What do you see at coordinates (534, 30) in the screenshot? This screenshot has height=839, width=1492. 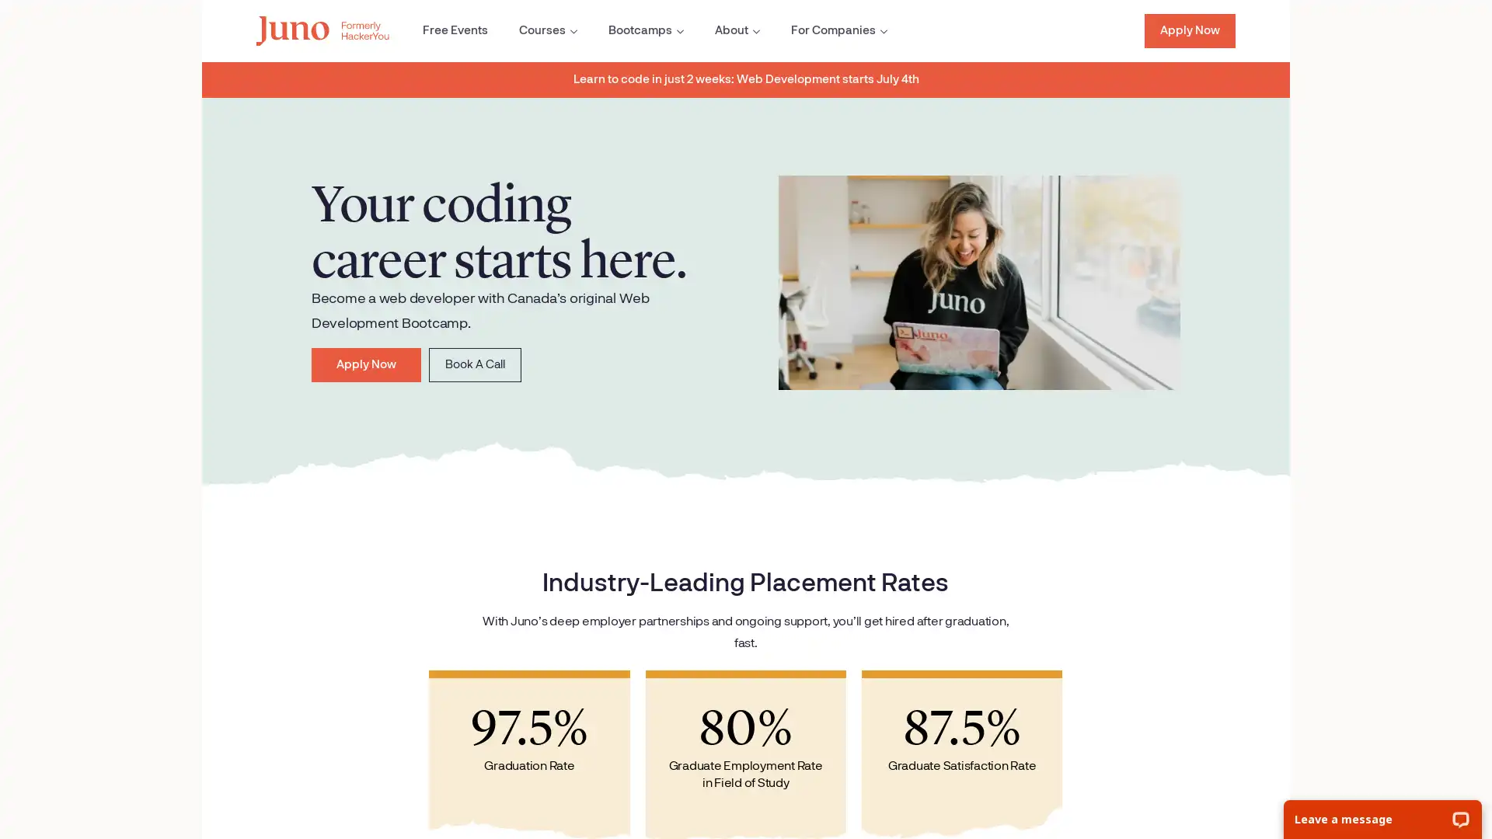 I see `Open the Courses sub menu.` at bounding box center [534, 30].